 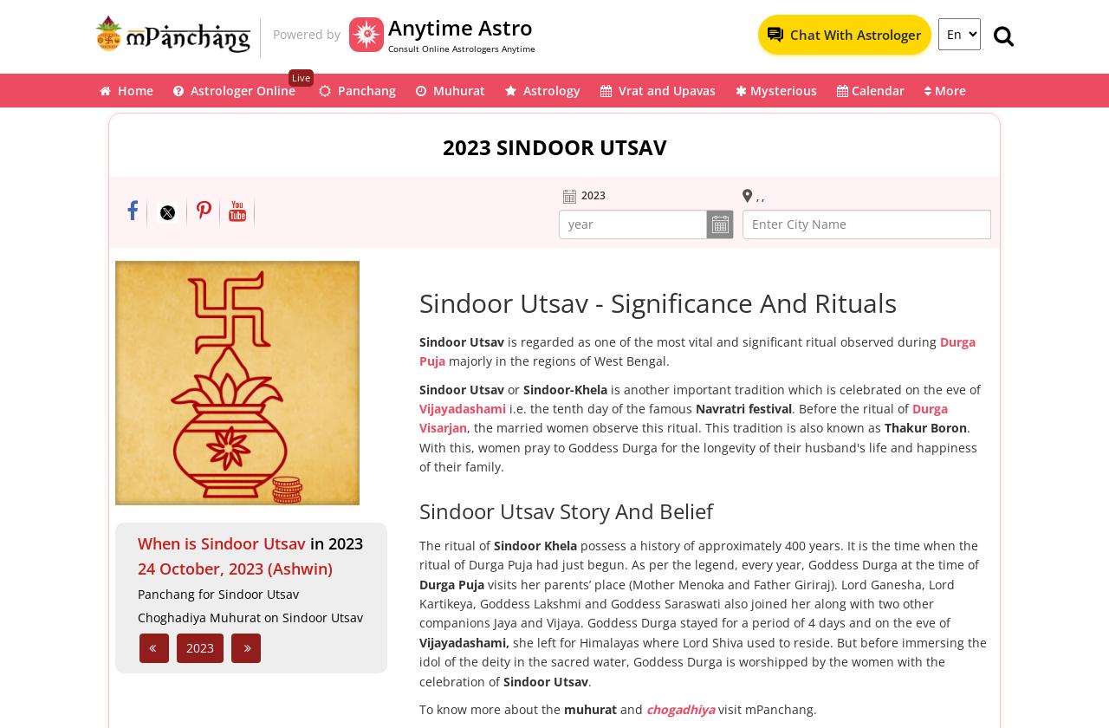 I want to click on '24 October, 2023 (Ashwin)', so click(x=234, y=568).